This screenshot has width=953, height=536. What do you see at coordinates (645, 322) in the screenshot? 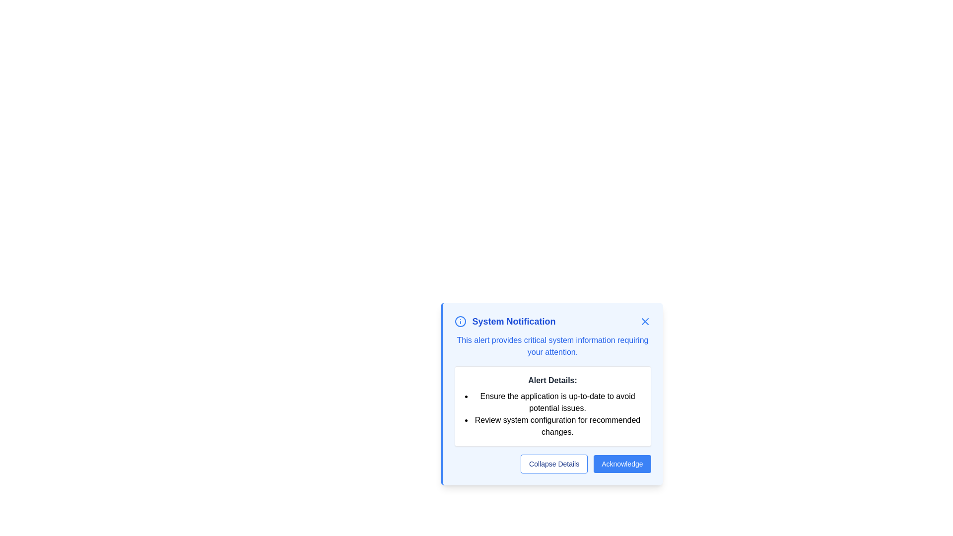
I see `the blue cross icon button in the top-right corner of the 'System Notification' modal` at bounding box center [645, 322].